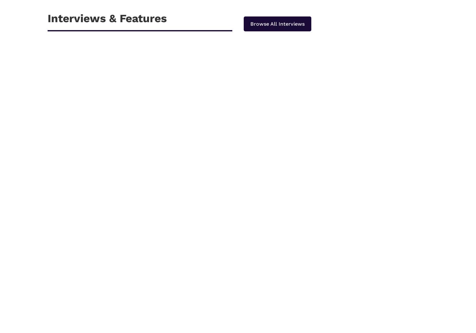 This screenshot has height=333, width=476. Describe the element at coordinates (68, 60) in the screenshot. I see `'Apr 30, 2022'` at that location.